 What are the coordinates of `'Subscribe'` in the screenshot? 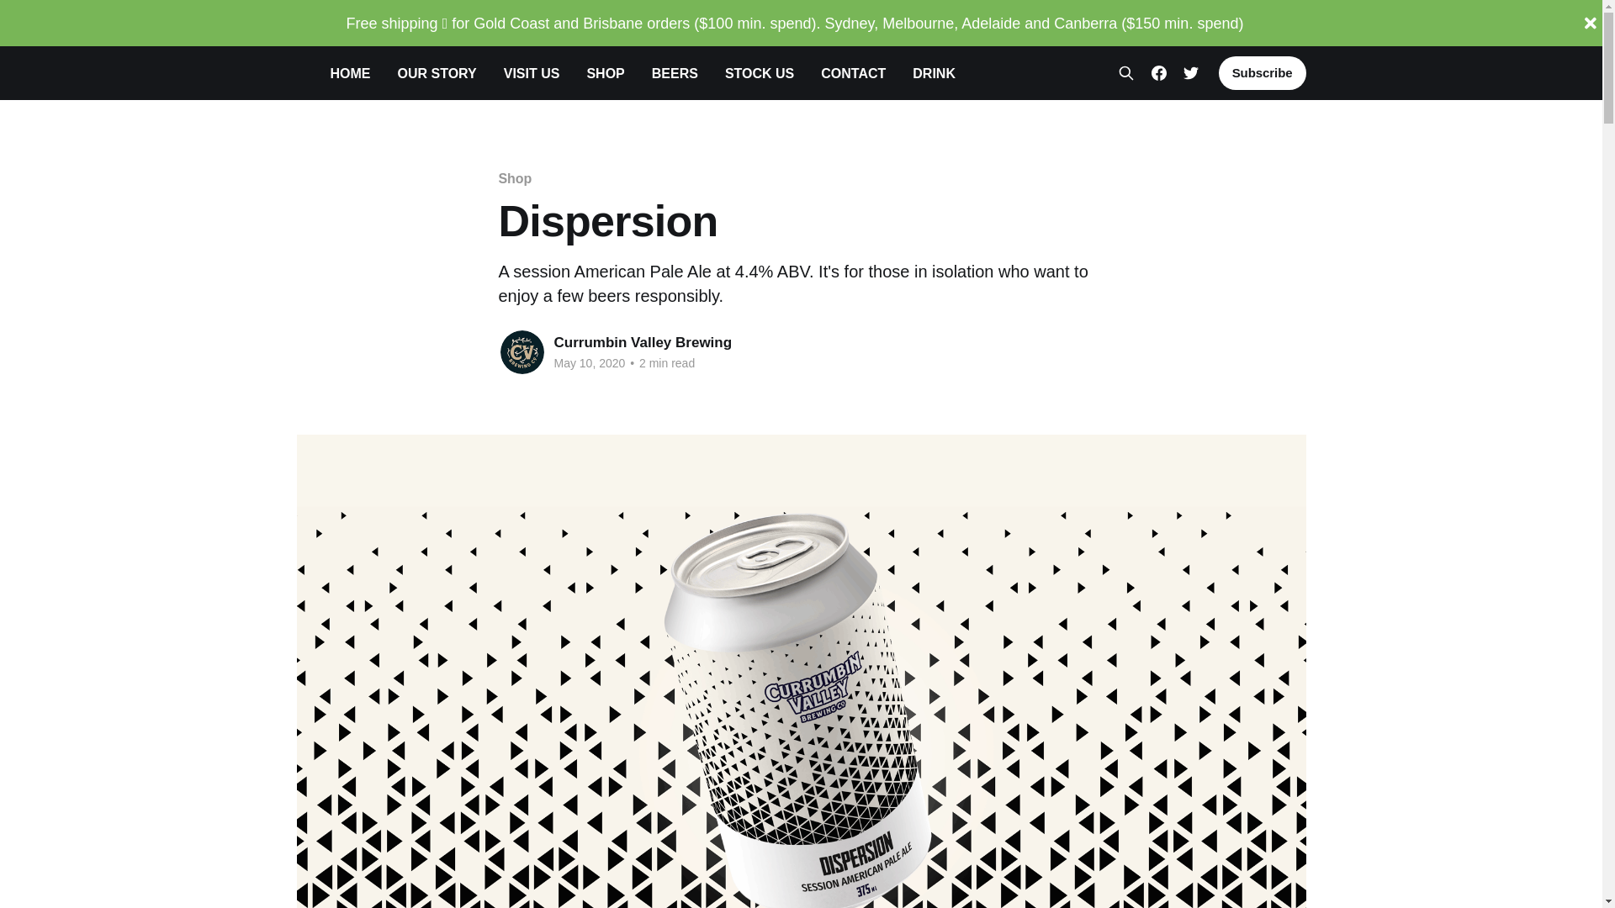 It's located at (1219, 72).